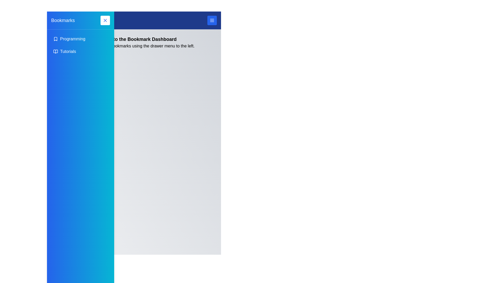  What do you see at coordinates (55, 39) in the screenshot?
I see `the bookmark icon located to the left of the 'Programming' text in the sidebar menu` at bounding box center [55, 39].